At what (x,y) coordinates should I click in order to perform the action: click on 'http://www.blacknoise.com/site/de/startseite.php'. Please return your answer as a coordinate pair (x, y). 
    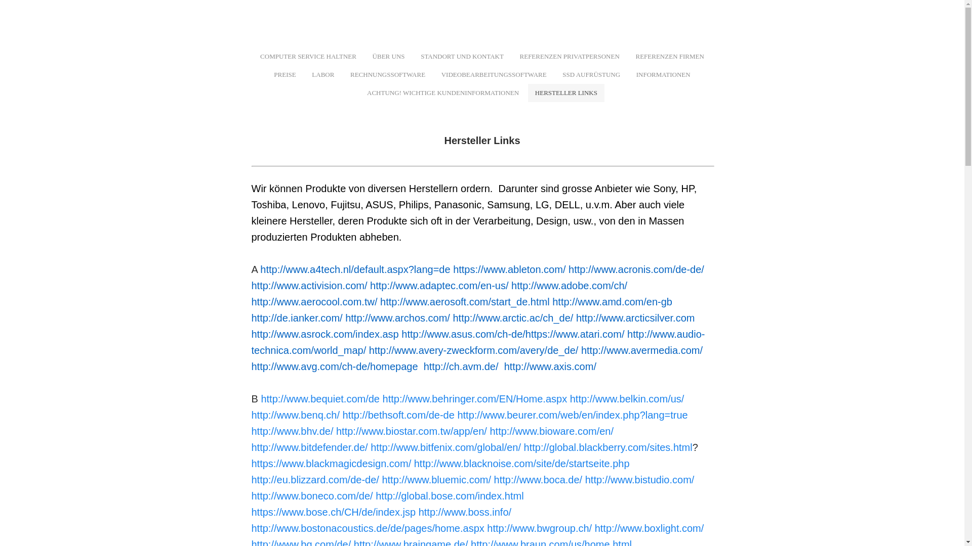
    Looking at the image, I should click on (522, 464).